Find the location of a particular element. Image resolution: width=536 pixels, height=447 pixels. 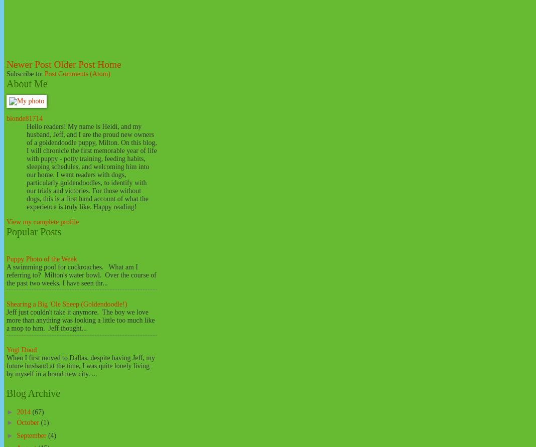

'2014' is located at coordinates (24, 411).